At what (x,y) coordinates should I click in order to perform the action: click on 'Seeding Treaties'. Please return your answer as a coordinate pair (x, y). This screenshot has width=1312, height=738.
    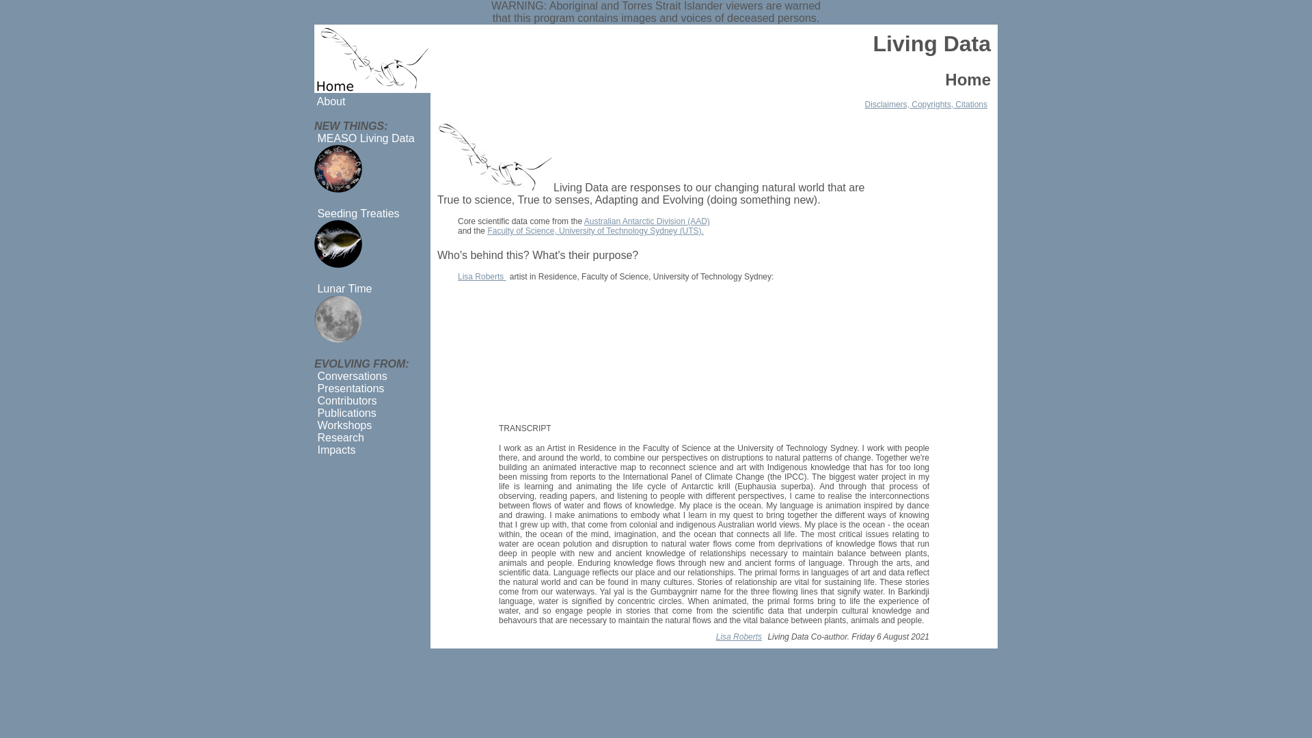
    Looking at the image, I should click on (338, 243).